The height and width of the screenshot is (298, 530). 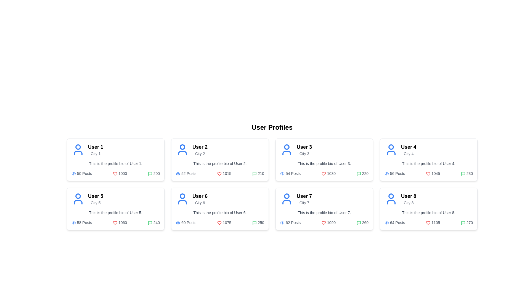 I want to click on the green speech bubble icon located within the profile card of 'User 2', situated next to the numerical comment count, so click(x=254, y=174).